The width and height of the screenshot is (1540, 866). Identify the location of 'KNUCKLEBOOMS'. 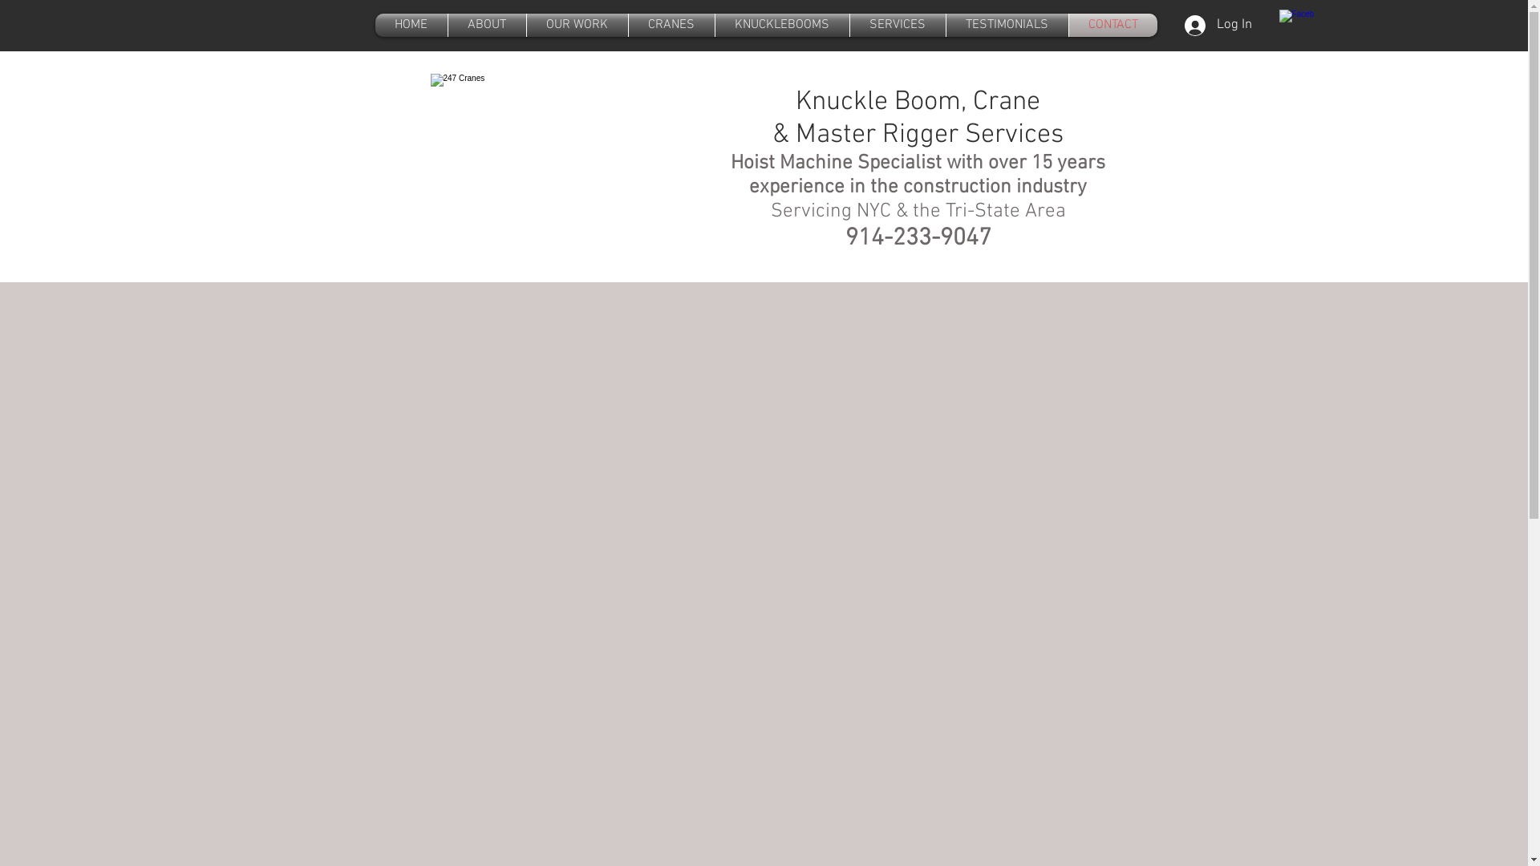
(782, 25).